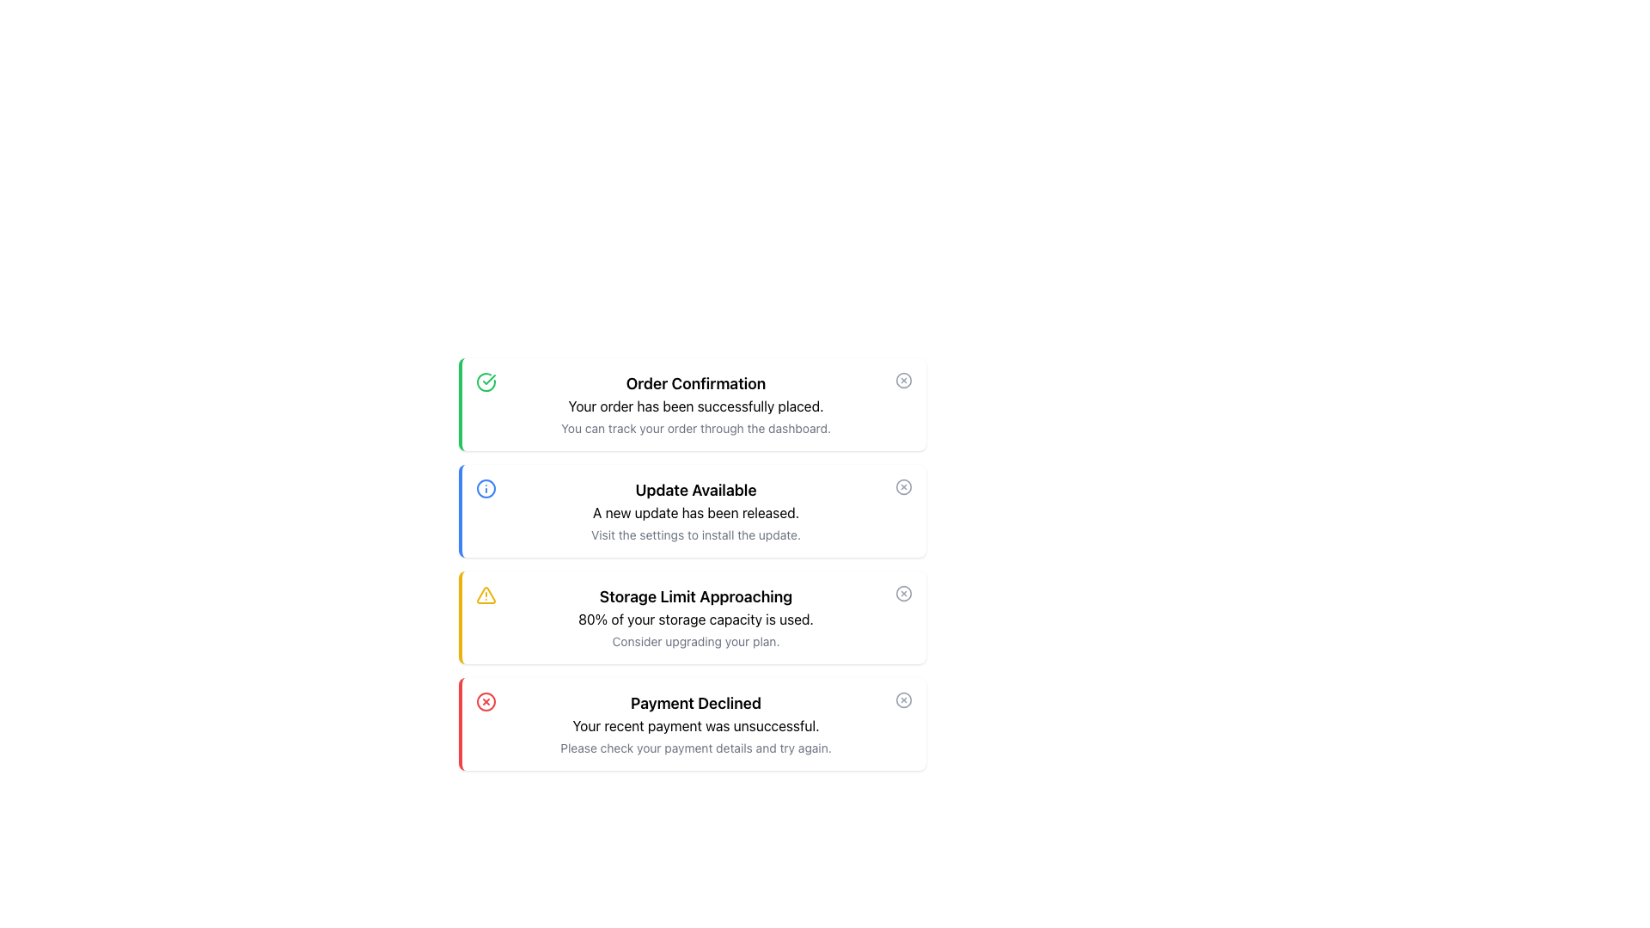 This screenshot has height=928, width=1650. What do you see at coordinates (902, 699) in the screenshot?
I see `the close button located at the rightmost position of the 'Payment Declined' notification card` at bounding box center [902, 699].